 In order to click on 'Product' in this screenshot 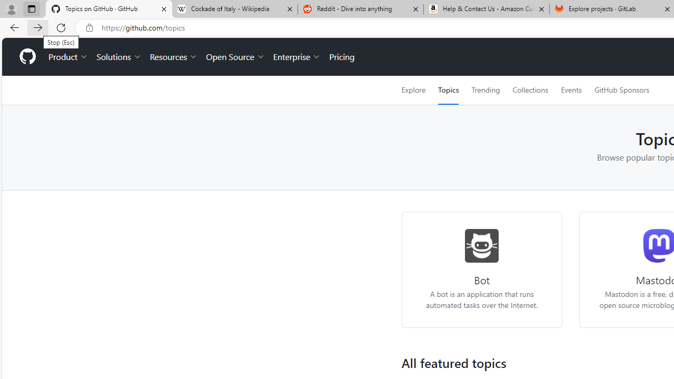, I will do `click(68, 57)`.